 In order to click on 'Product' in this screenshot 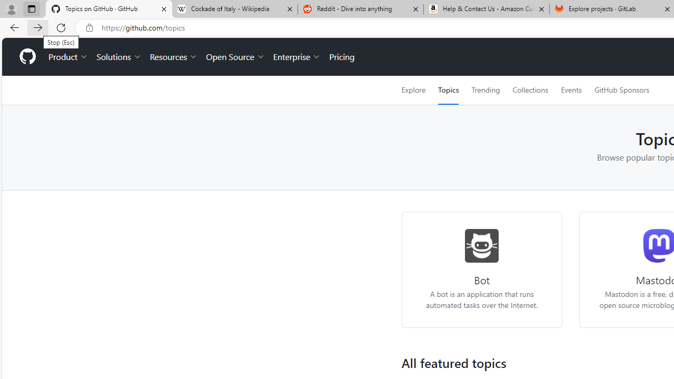, I will do `click(68, 57)`.